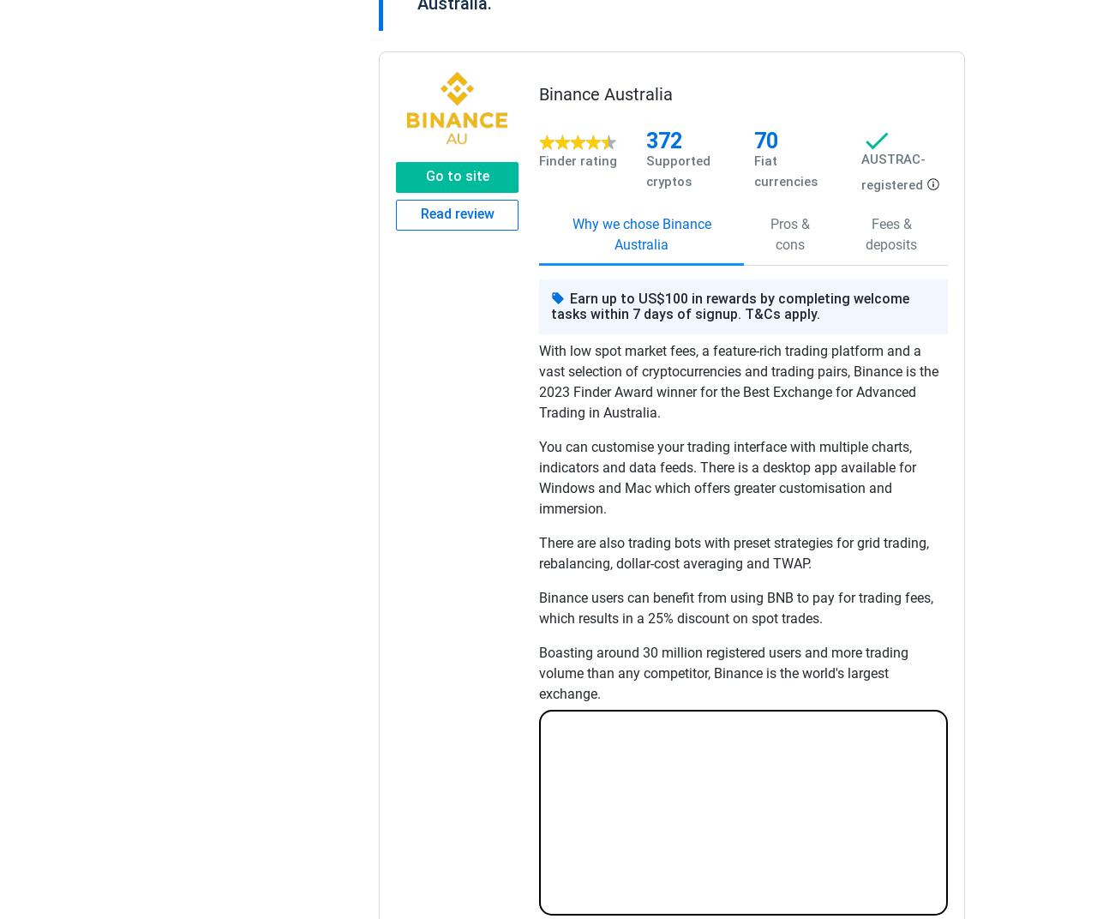  Describe the element at coordinates (734, 552) in the screenshot. I see `'There are also trading bots with preset strategies for grid trading, rebalancing, dollar-cost averaging and TWAP.'` at that location.